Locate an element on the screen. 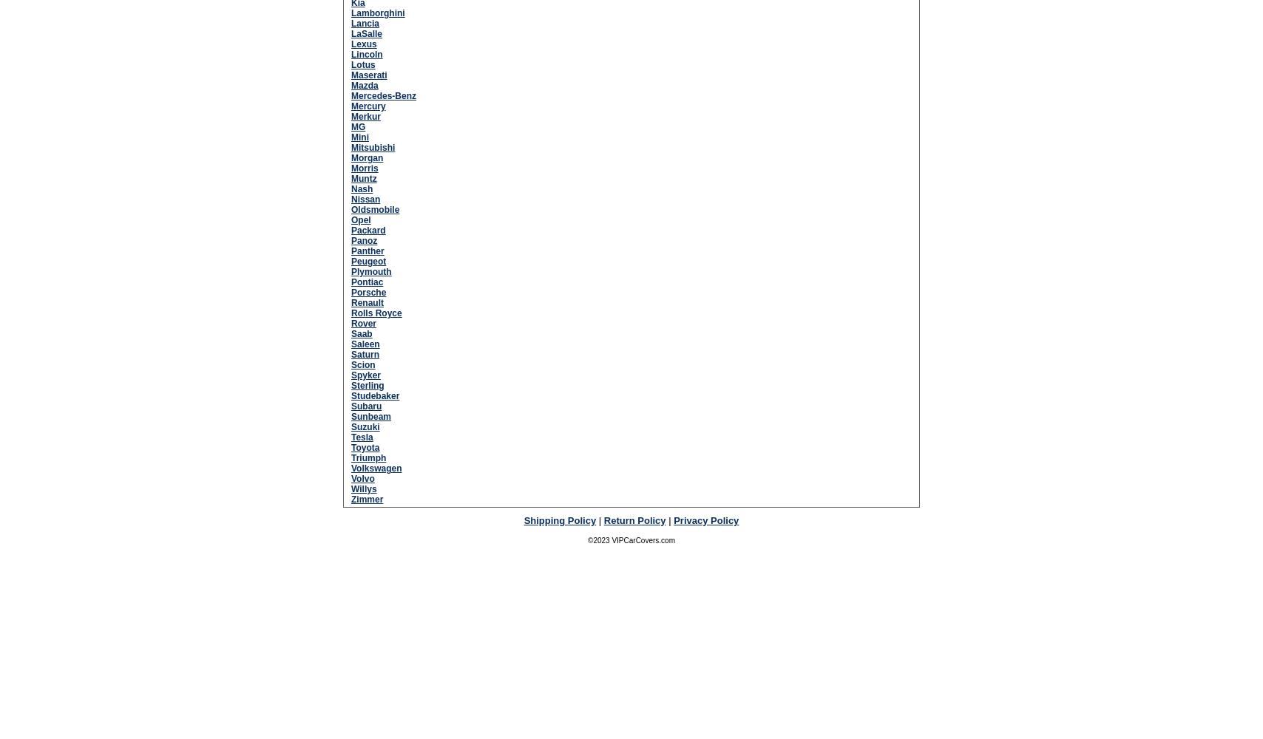 The image size is (1263, 739). 'Lincoln' is located at coordinates (367, 53).